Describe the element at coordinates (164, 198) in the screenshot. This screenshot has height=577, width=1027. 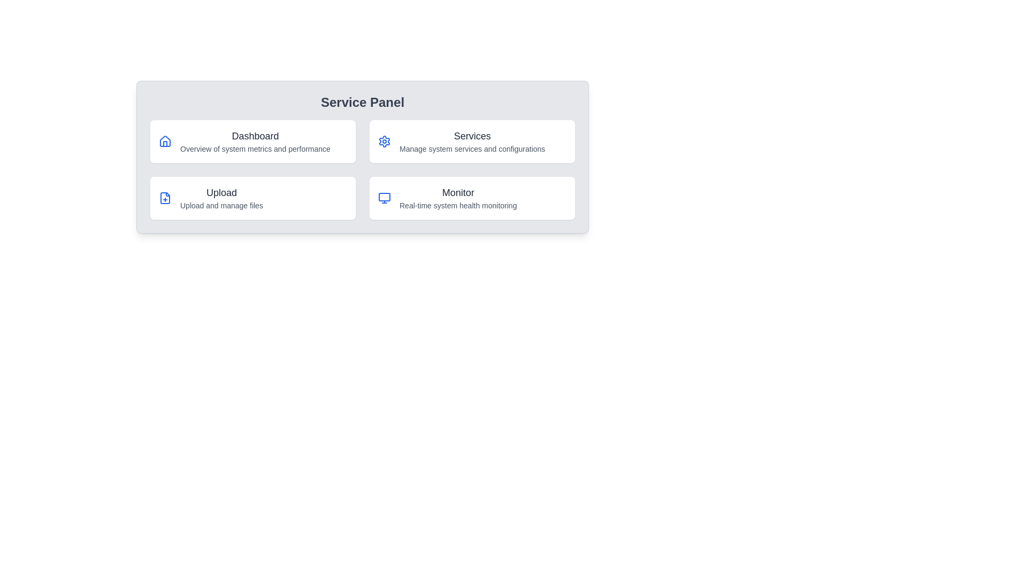
I see `the upload icon located in the 'Upload' section of the Service Panel, which serves as a visual cue for the functionality of uploading files` at that location.